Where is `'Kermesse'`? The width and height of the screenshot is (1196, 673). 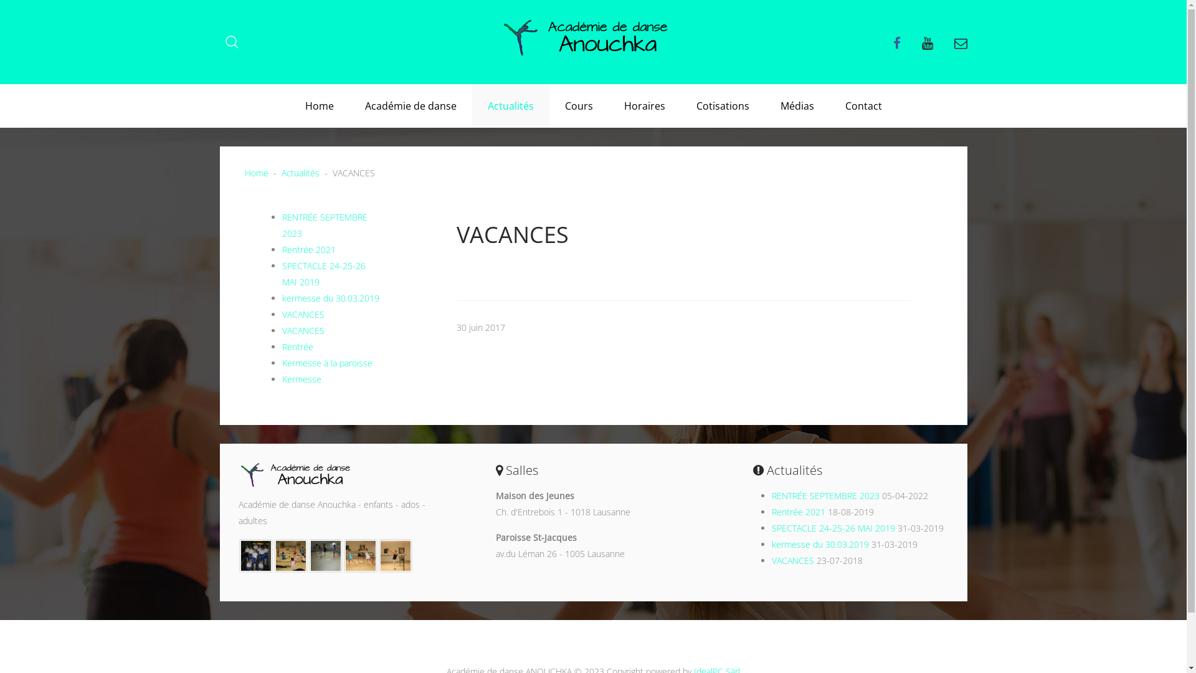
'Kermesse' is located at coordinates (301, 378).